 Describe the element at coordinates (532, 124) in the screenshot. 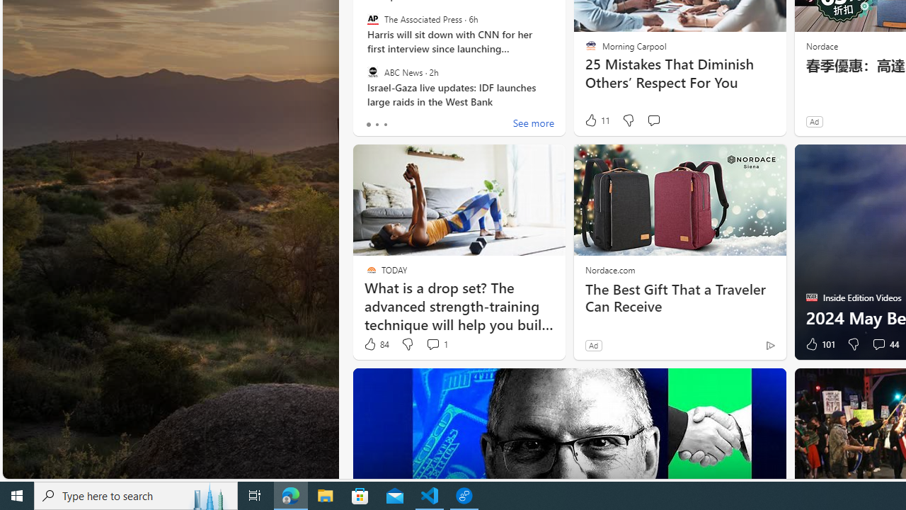

I see `'See more'` at that location.